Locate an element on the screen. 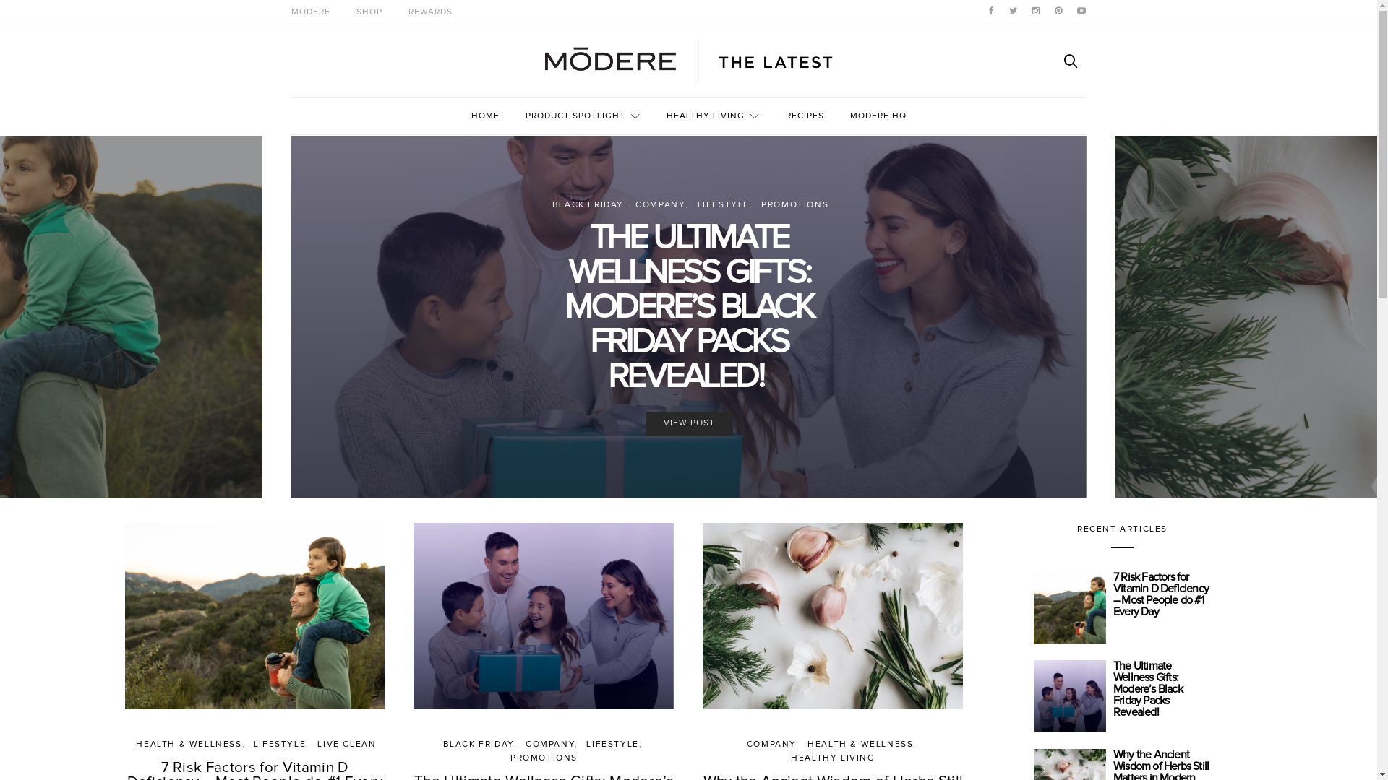  'LIVE CLEAN' is located at coordinates (346, 744).